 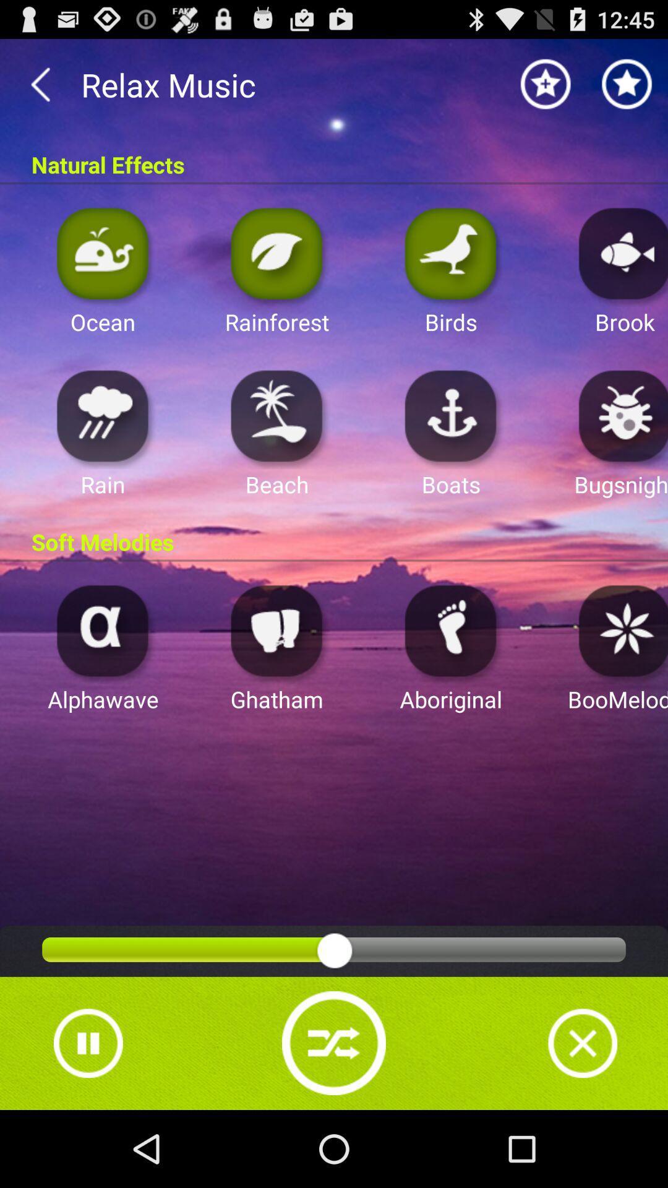 What do you see at coordinates (451, 674) in the screenshot?
I see `the facebook icon` at bounding box center [451, 674].